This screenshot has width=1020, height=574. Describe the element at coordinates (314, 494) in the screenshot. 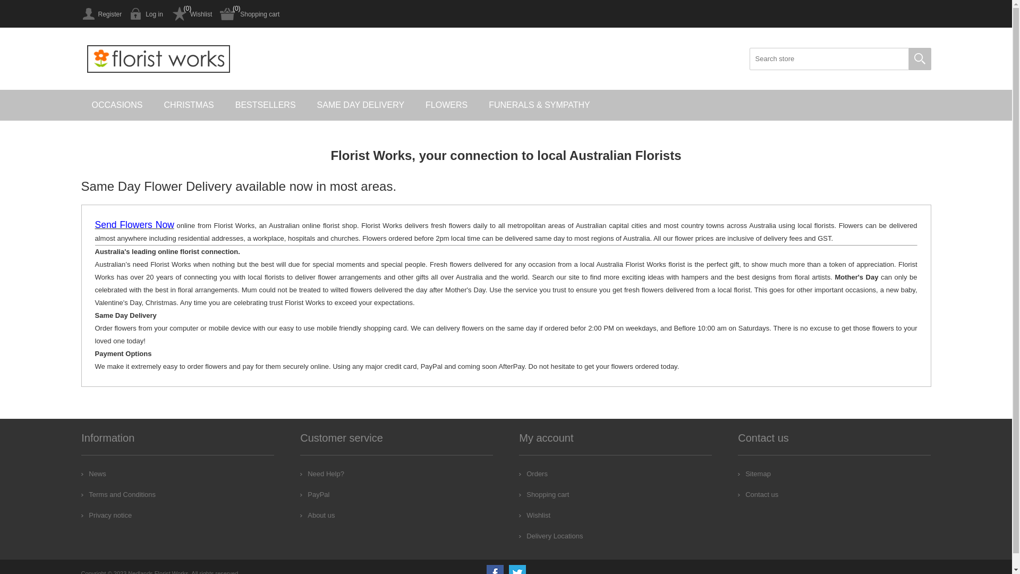

I see `'PayPal'` at that location.